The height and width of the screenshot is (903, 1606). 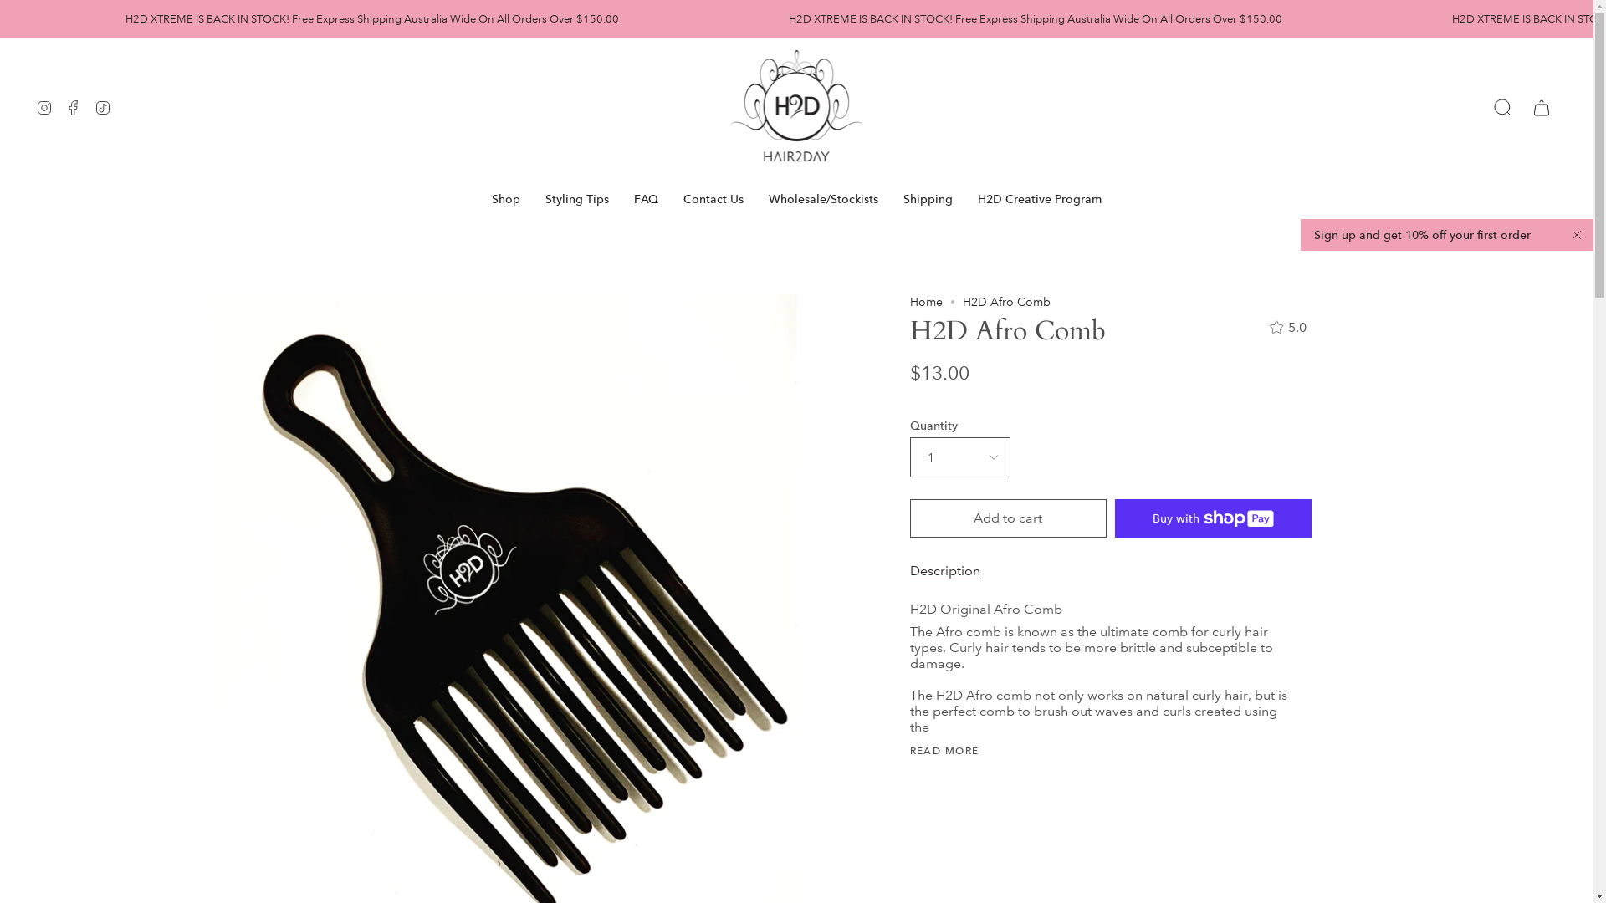 What do you see at coordinates (909, 302) in the screenshot?
I see `'Home'` at bounding box center [909, 302].